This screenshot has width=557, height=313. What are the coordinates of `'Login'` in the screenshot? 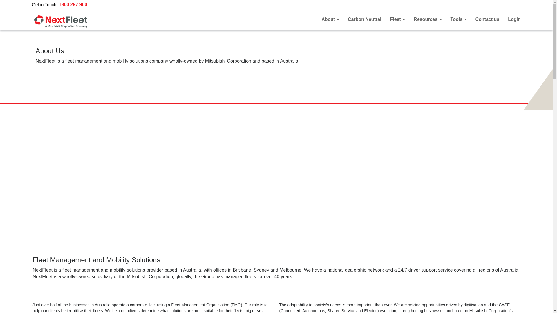 It's located at (514, 19).